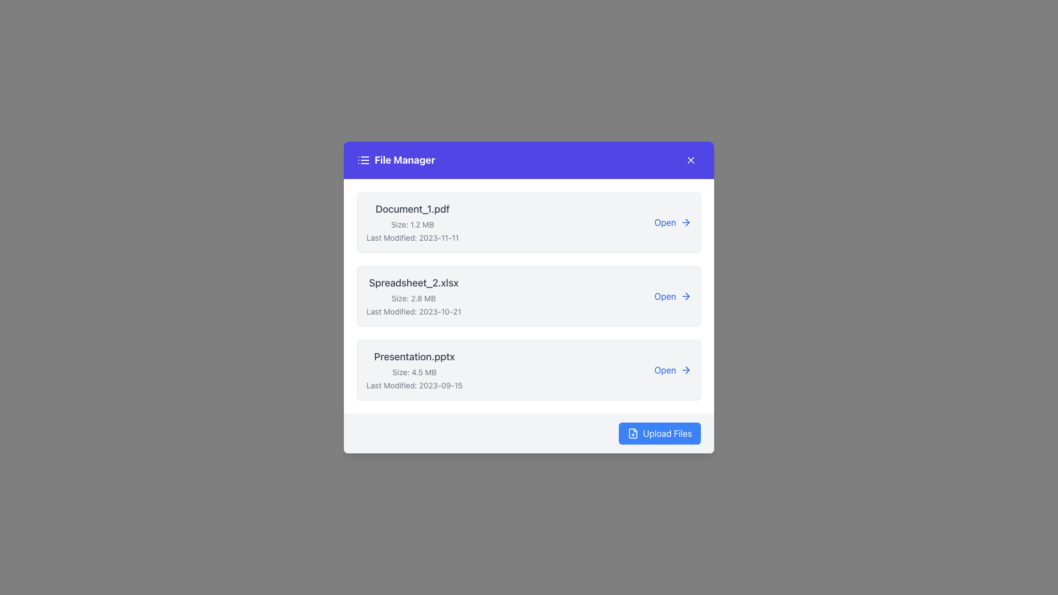 The image size is (1058, 595). What do you see at coordinates (529, 295) in the screenshot?
I see `the 'Spreadsheet_2.xlsx' file entry` at bounding box center [529, 295].